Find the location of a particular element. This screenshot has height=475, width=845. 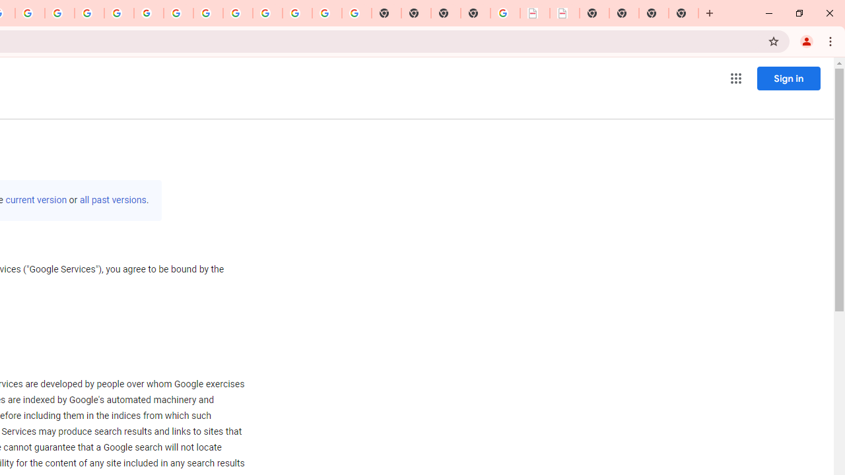

'New Tab' is located at coordinates (683, 13).